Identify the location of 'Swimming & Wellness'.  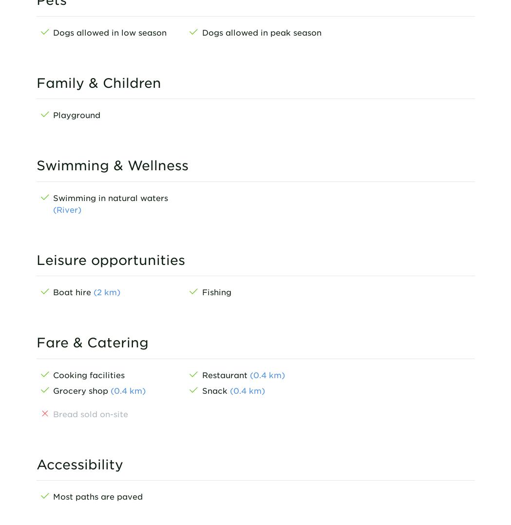
(36, 165).